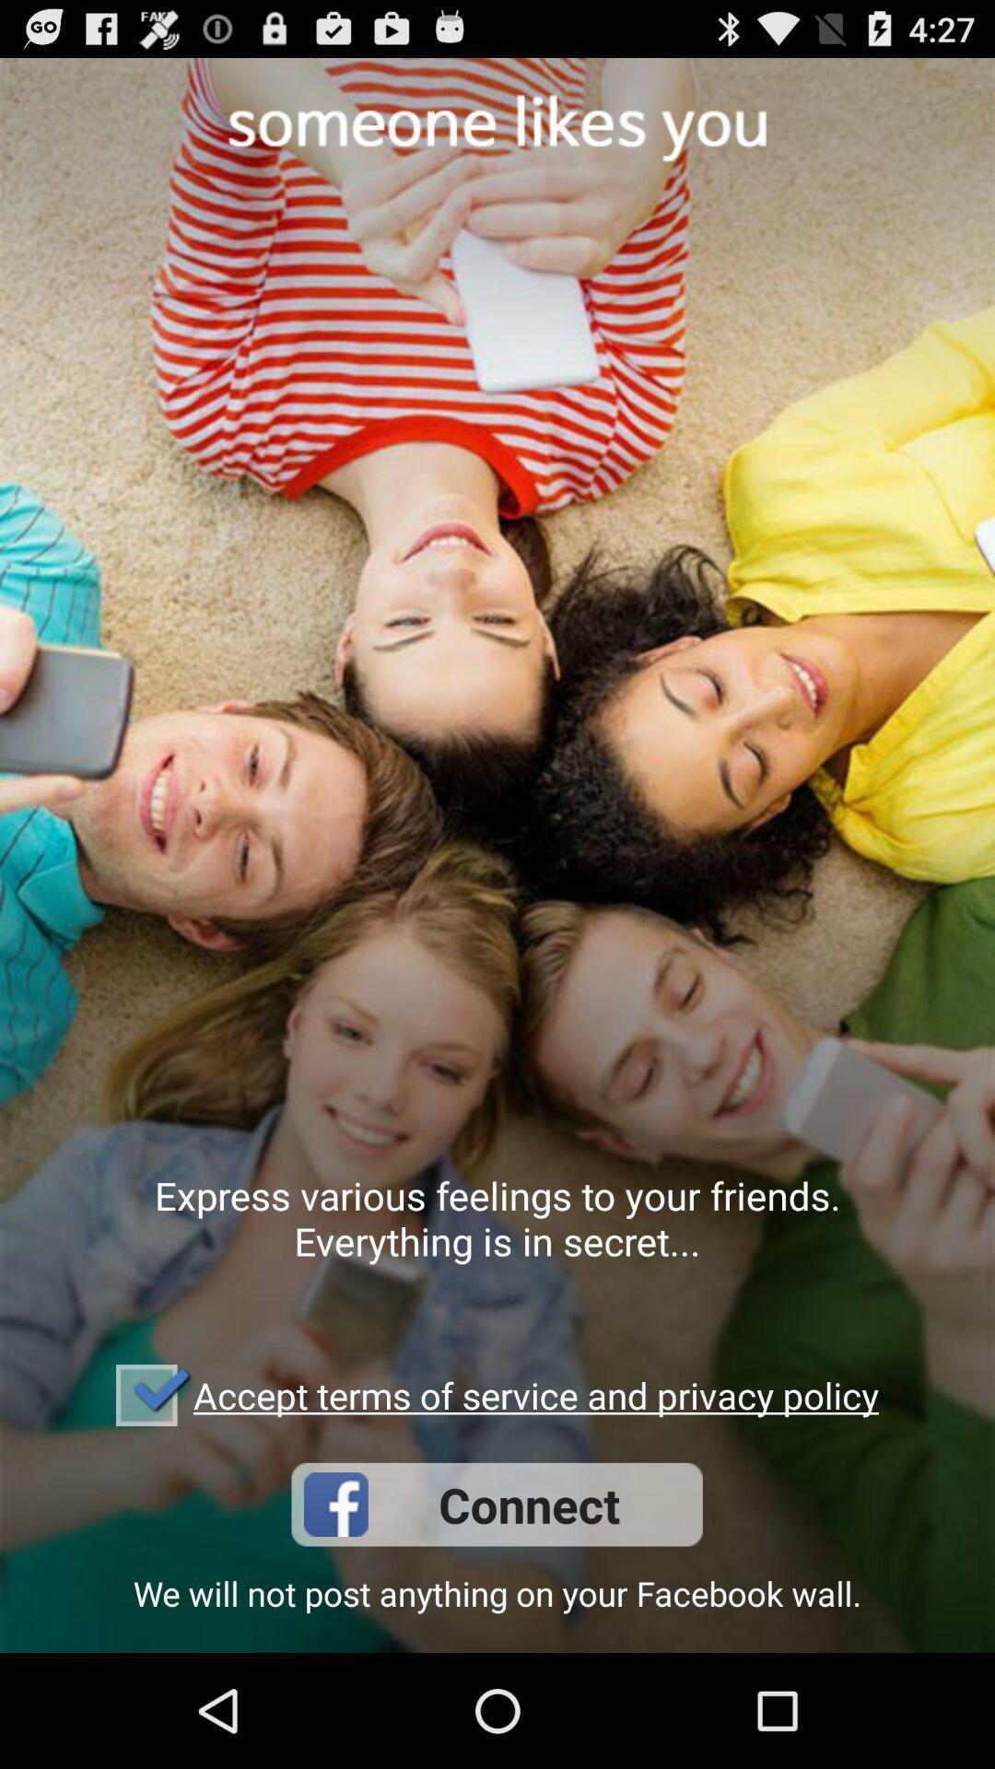 This screenshot has height=1769, width=995. What do you see at coordinates (496, 1505) in the screenshot?
I see `the app below accept terms of icon` at bounding box center [496, 1505].